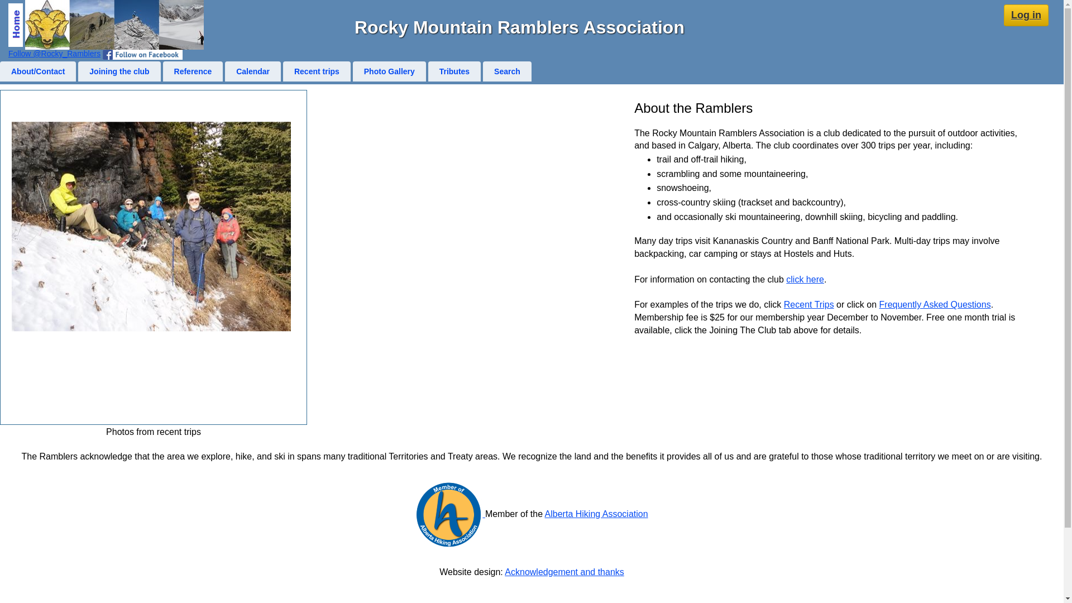 This screenshot has height=603, width=1072. What do you see at coordinates (16, 25) in the screenshot?
I see `'Home page'` at bounding box center [16, 25].